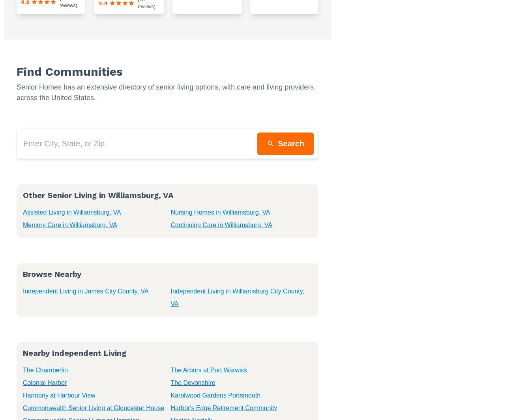  What do you see at coordinates (291, 143) in the screenshot?
I see `'Search'` at bounding box center [291, 143].